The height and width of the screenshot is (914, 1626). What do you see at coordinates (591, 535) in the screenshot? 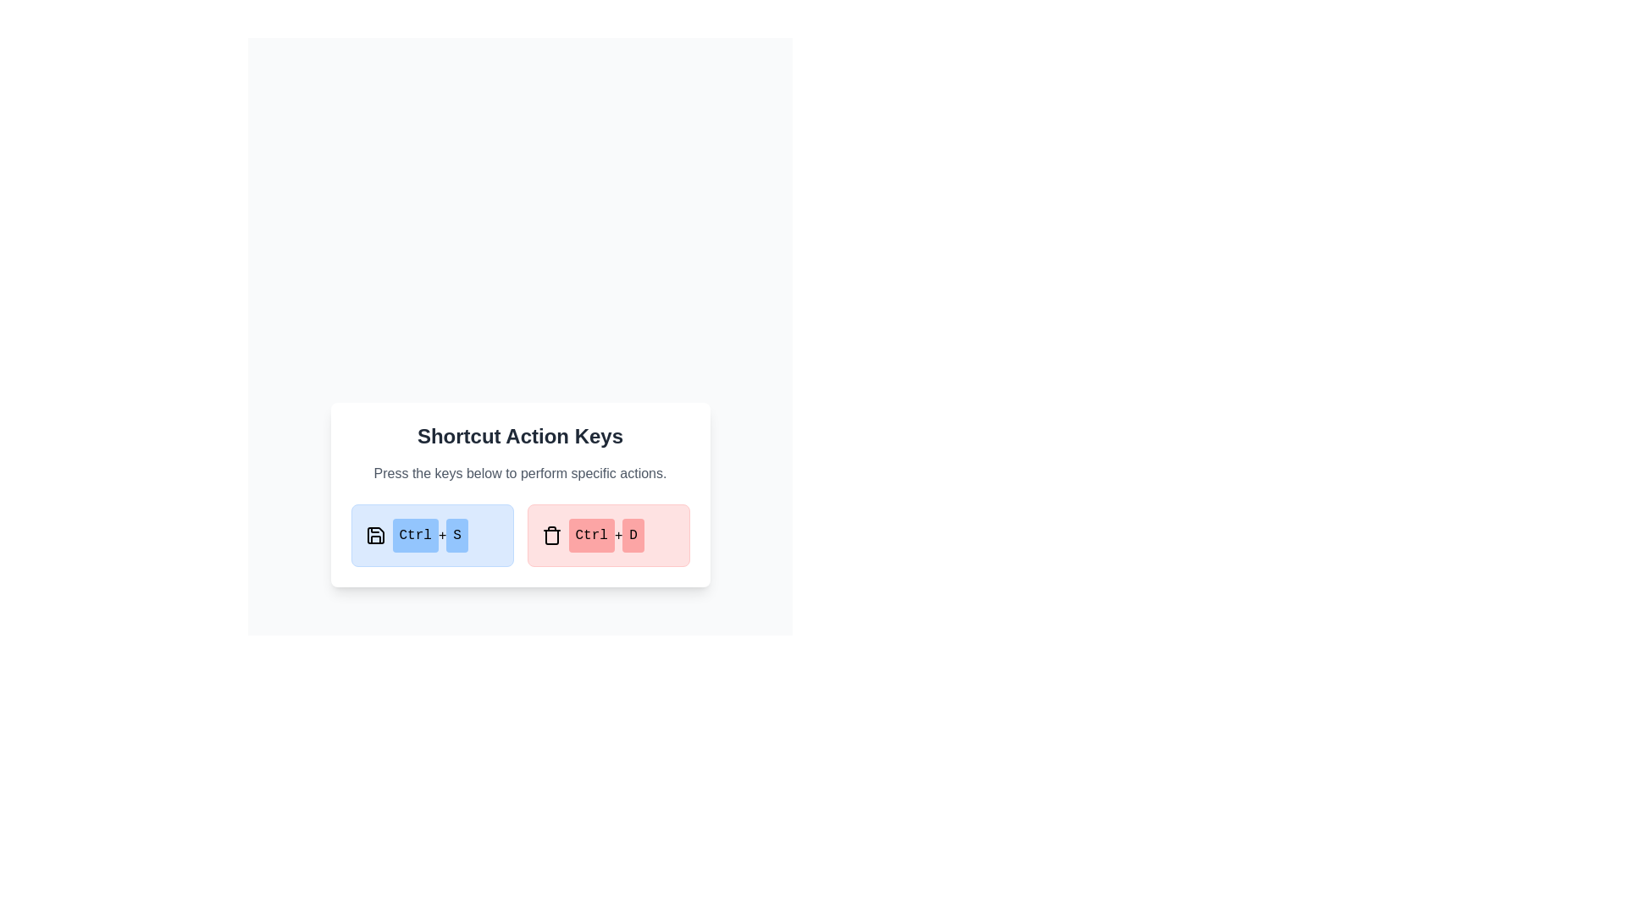
I see `the visual depiction of the 'Ctrl' key, which is part of the 'Ctrl+D' keyboard shortcut display and located to the left of the letter 'D'` at bounding box center [591, 535].